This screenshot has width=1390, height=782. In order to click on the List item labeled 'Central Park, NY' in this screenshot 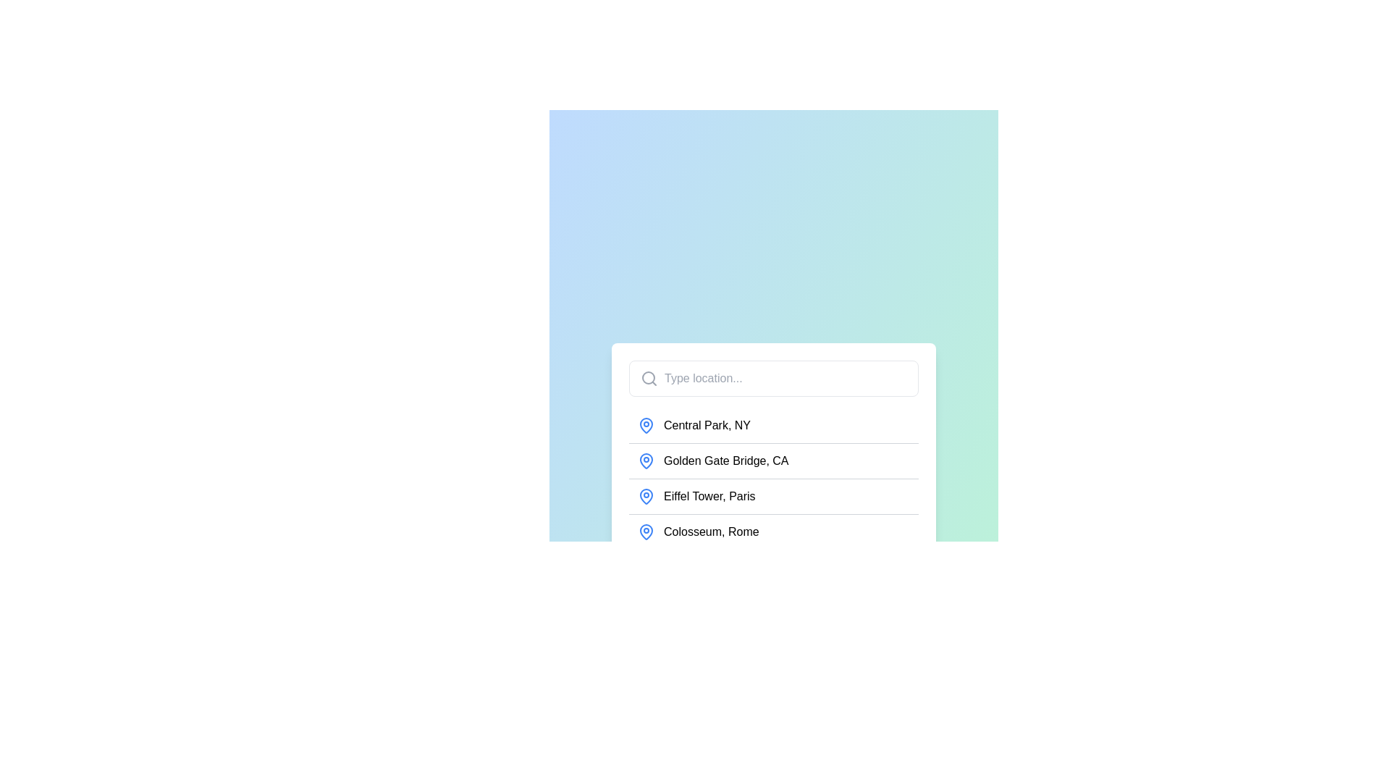, I will do `click(773, 424)`.